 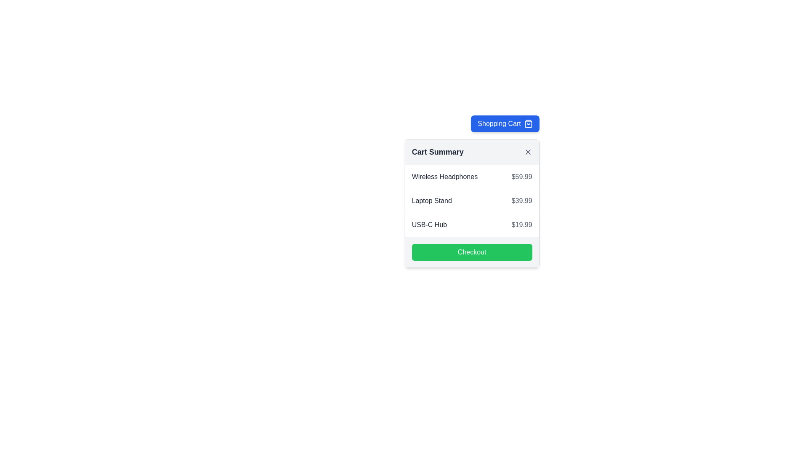 What do you see at coordinates (521, 177) in the screenshot?
I see `the price text element indicating the price of 'Wireless Headphones' in the shopping cart, located in the second column, aligned with the item's title` at bounding box center [521, 177].